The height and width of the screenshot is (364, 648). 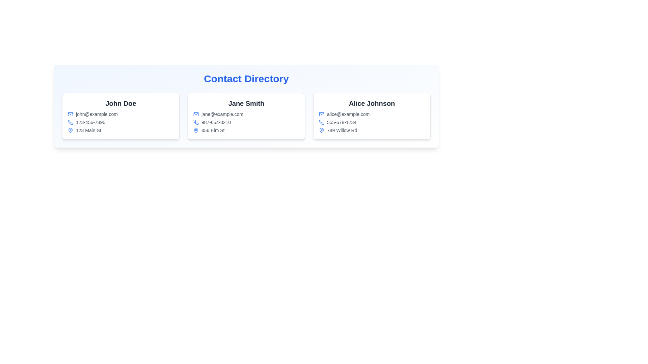 What do you see at coordinates (246, 79) in the screenshot?
I see `the 'Contact Directory' title text, which is styled in bold, large blue font and centrally aligned at the top of the interface` at bounding box center [246, 79].